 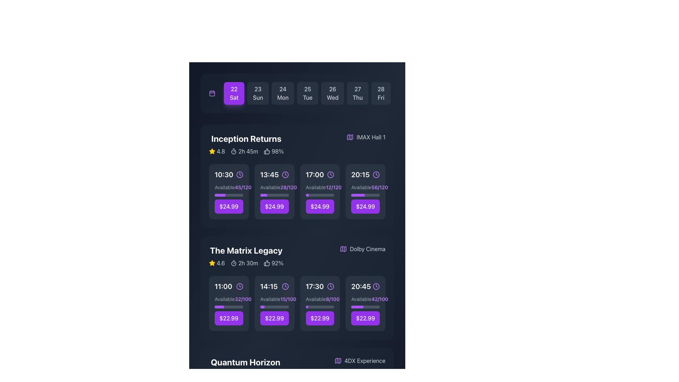 I want to click on the 'Select Seats' button with a purple background and white text for accessibility navigation, so click(x=229, y=192).